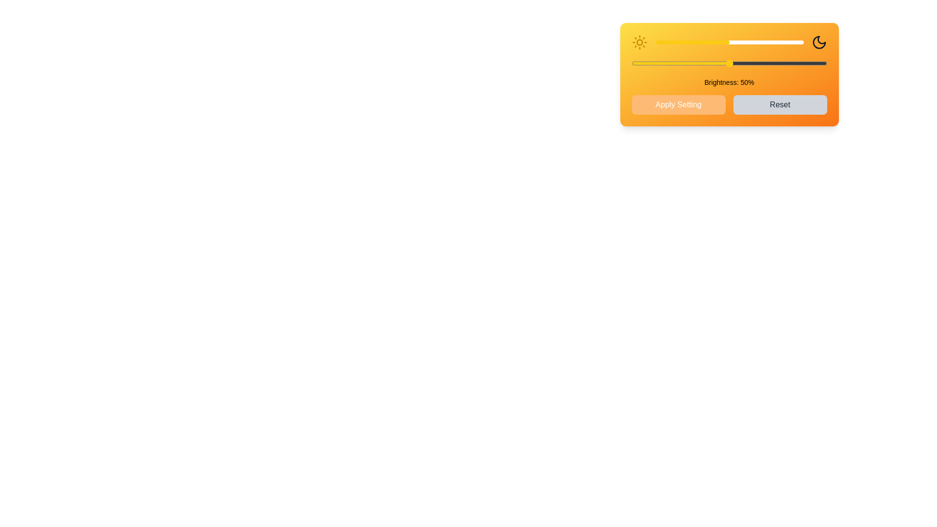 The height and width of the screenshot is (527, 937). What do you see at coordinates (802, 42) in the screenshot?
I see `the brightness slider to 99%` at bounding box center [802, 42].